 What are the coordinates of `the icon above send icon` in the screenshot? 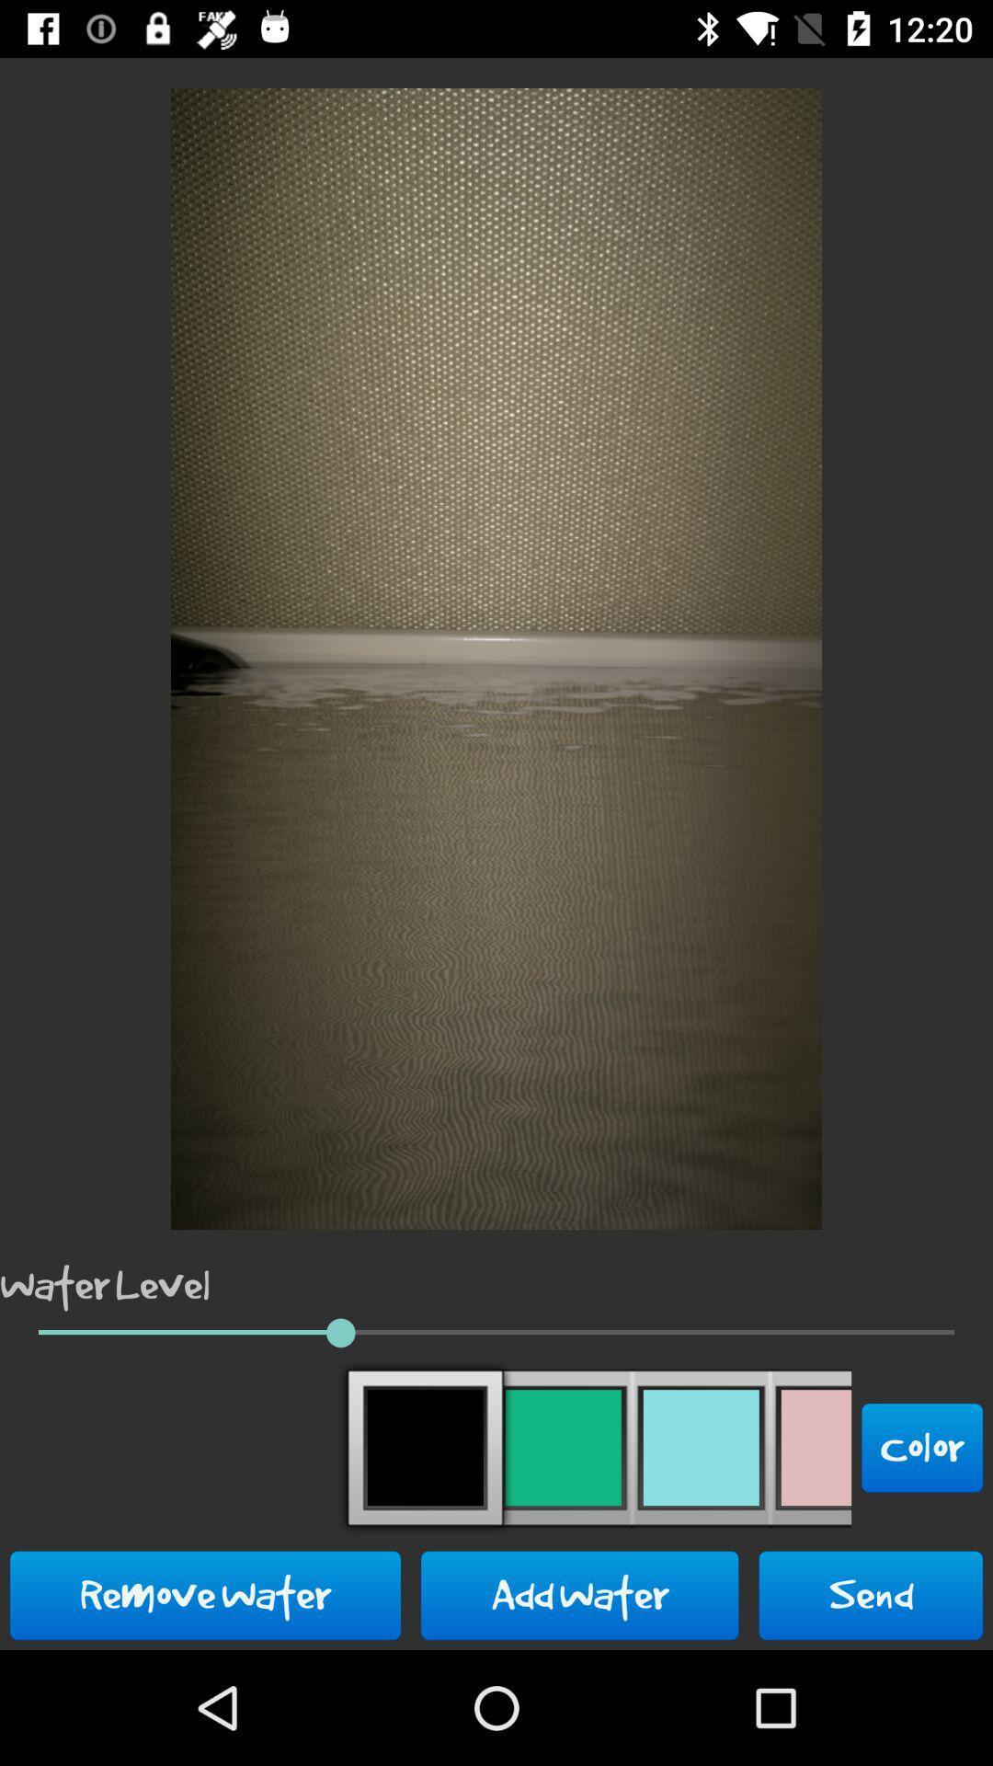 It's located at (922, 1447).